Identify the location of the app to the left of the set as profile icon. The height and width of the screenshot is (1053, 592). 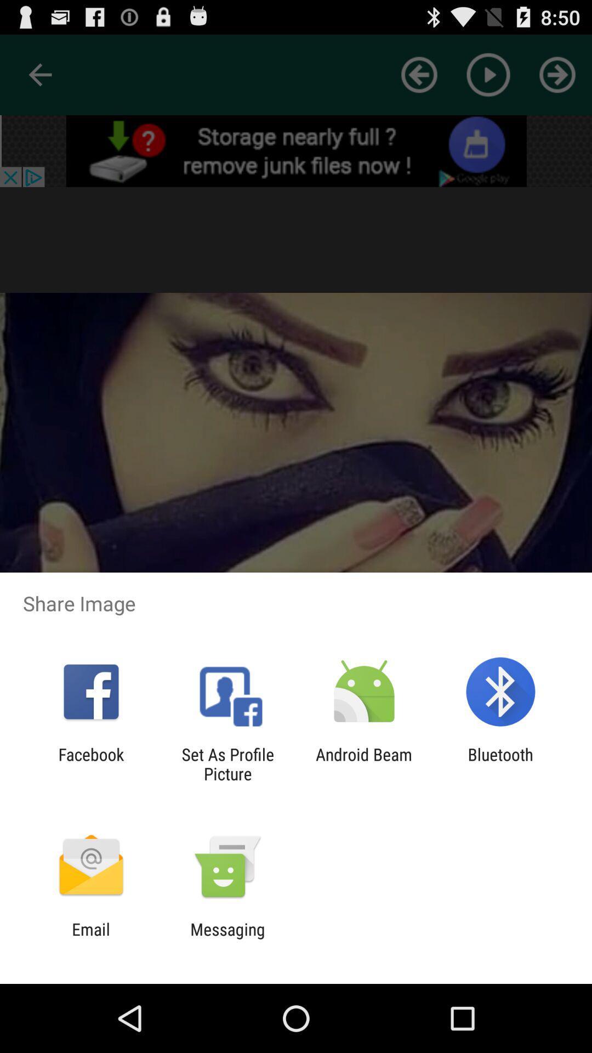
(90, 763).